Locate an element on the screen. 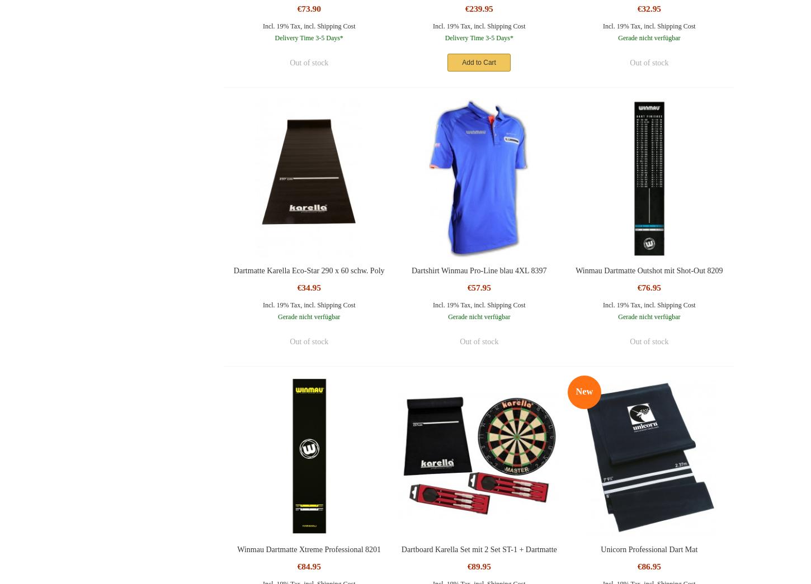 The width and height of the screenshot is (811, 584). 'Unicorn Professional Dart Mat' is located at coordinates (601, 549).